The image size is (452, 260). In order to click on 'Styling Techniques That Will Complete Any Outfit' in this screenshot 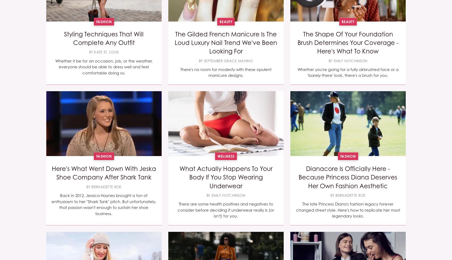, I will do `click(103, 38)`.